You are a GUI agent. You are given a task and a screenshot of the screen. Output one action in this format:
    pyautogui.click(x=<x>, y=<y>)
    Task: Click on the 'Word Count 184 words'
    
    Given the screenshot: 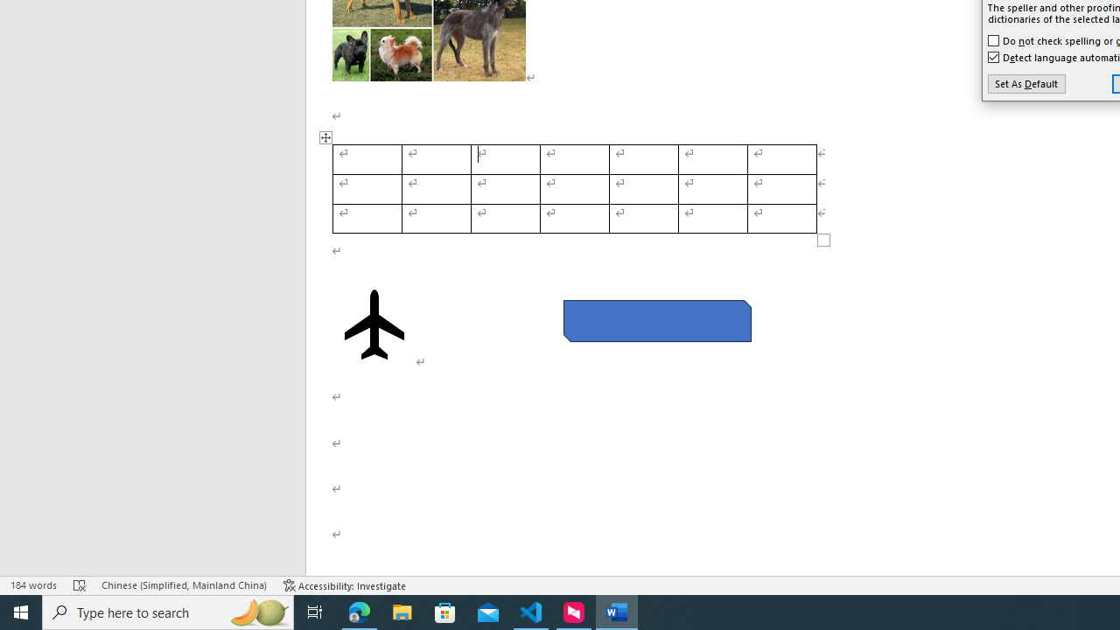 What is the action you would take?
    pyautogui.click(x=33, y=585)
    